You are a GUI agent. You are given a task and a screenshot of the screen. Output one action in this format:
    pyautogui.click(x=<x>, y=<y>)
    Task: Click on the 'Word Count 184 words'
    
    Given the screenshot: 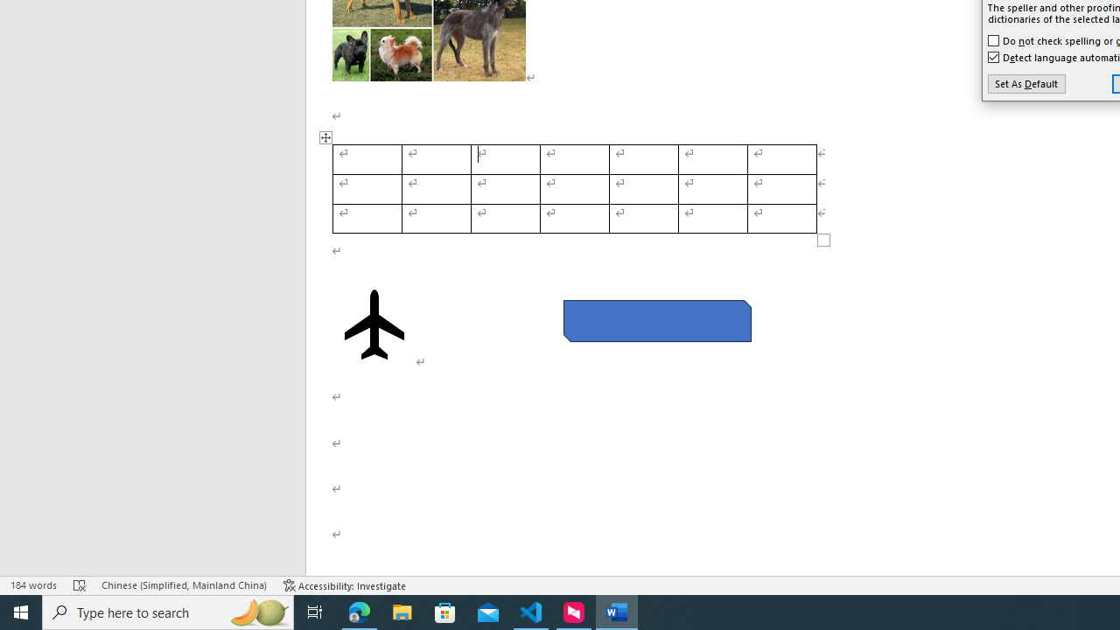 What is the action you would take?
    pyautogui.click(x=33, y=585)
    